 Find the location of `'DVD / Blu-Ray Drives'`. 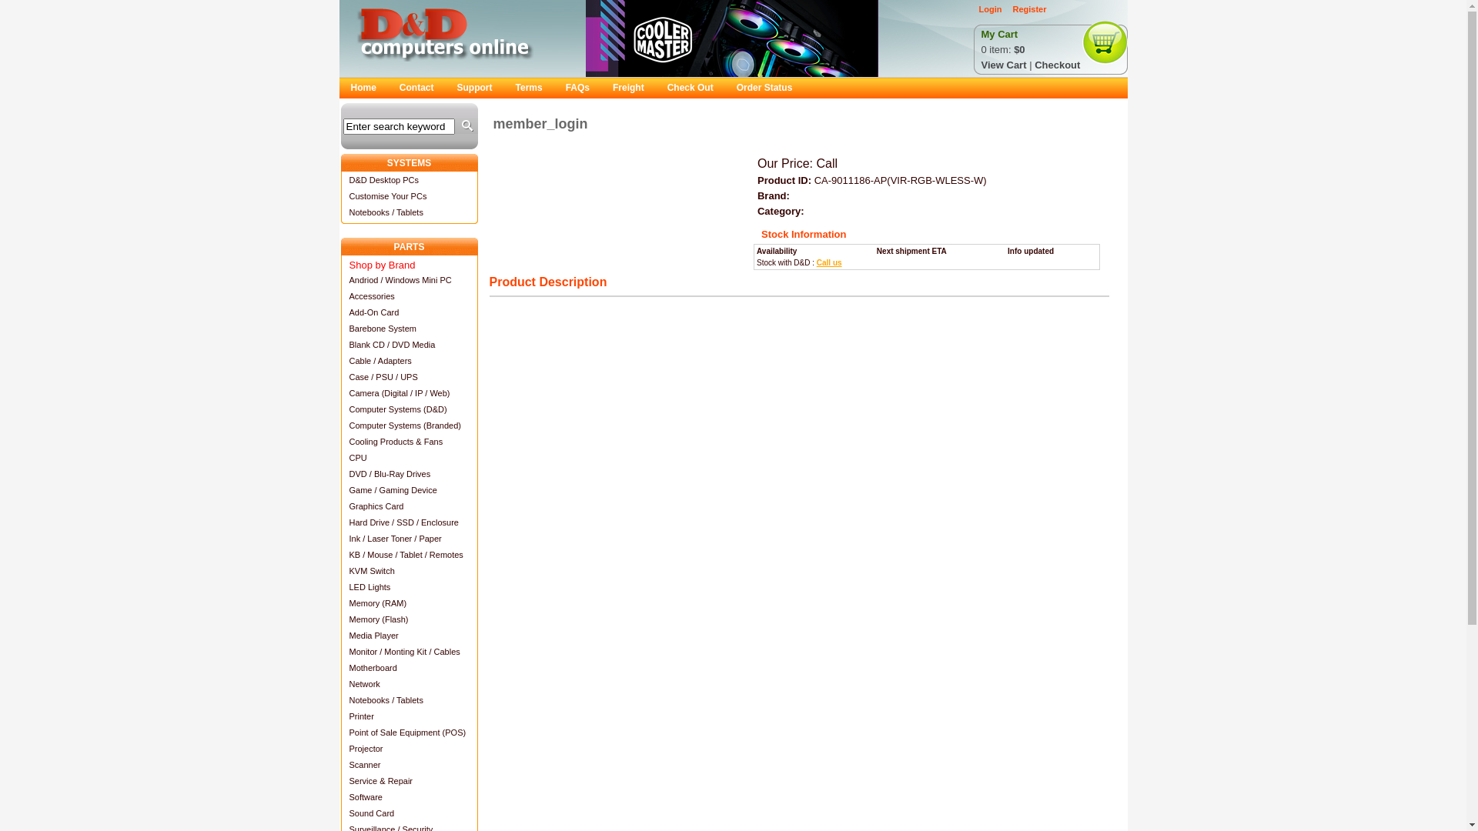

'DVD / Blu-Ray Drives' is located at coordinates (409, 472).